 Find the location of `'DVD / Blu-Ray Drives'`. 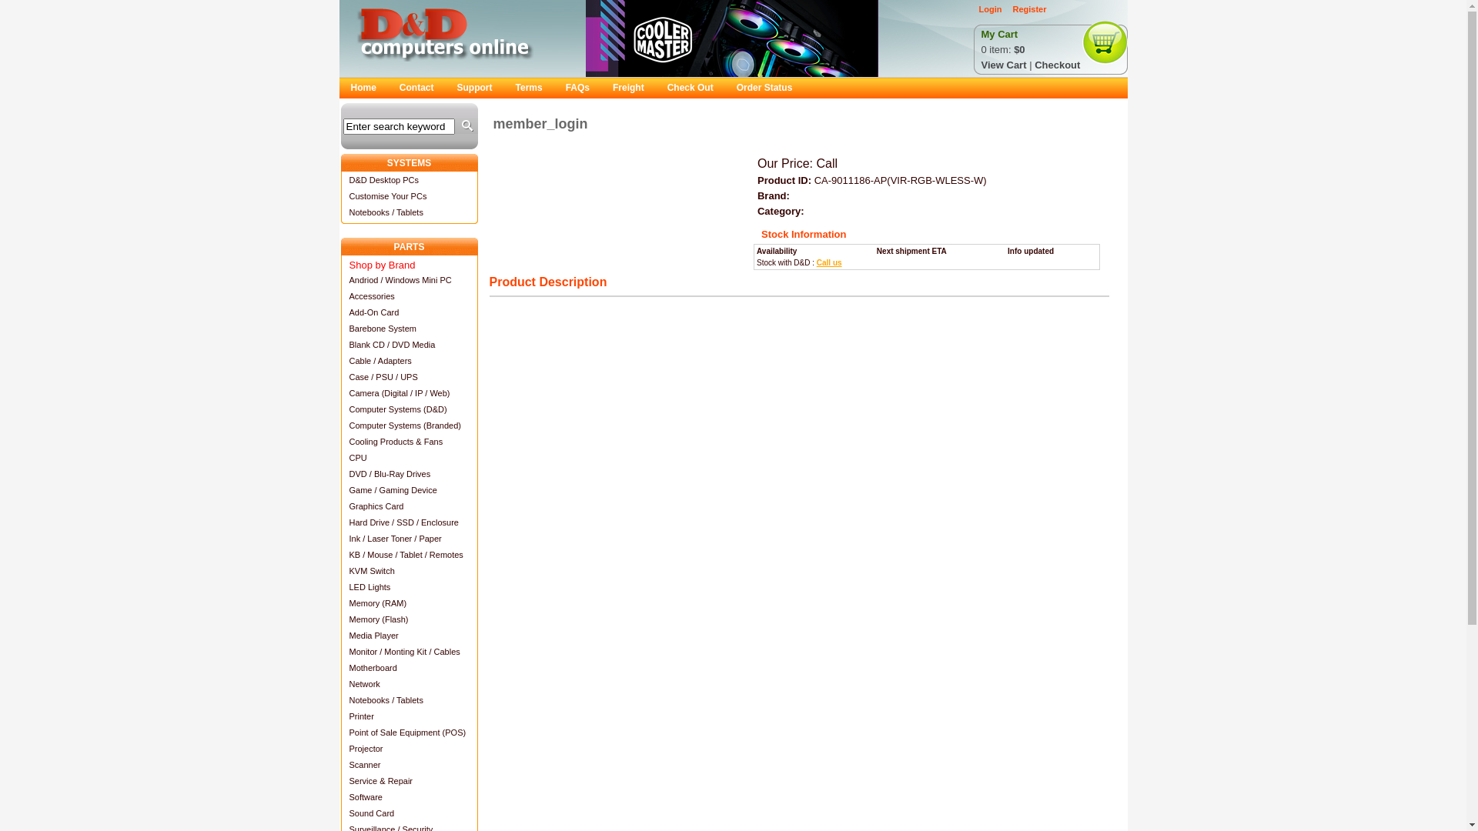

'DVD / Blu-Ray Drives' is located at coordinates (409, 472).